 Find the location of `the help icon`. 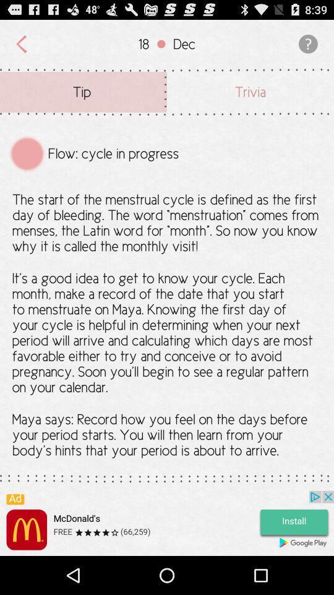

the help icon is located at coordinates (306, 46).